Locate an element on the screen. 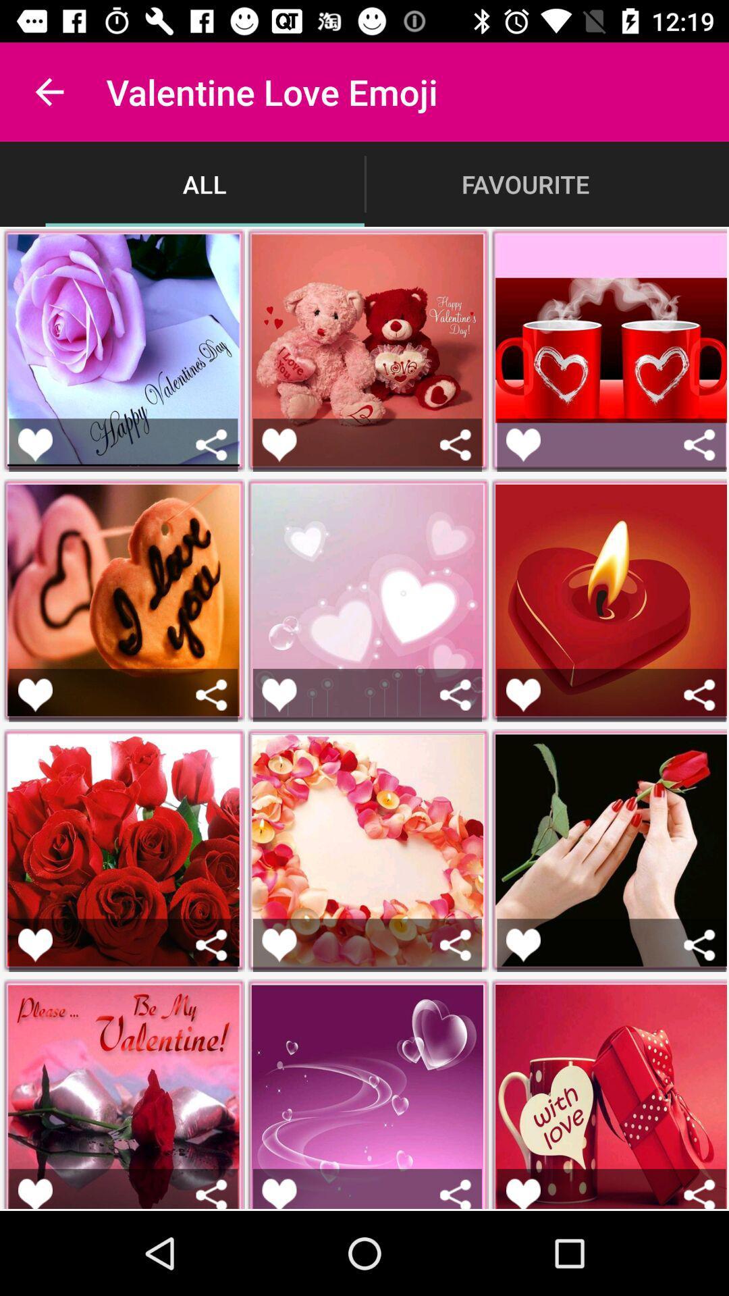 Image resolution: width=729 pixels, height=1296 pixels. share emoji is located at coordinates (211, 1193).